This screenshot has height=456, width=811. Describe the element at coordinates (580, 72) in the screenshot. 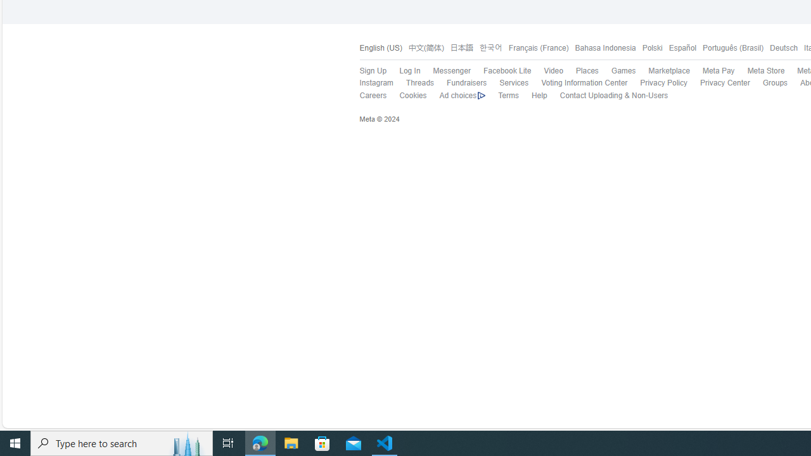

I see `'Places'` at that location.